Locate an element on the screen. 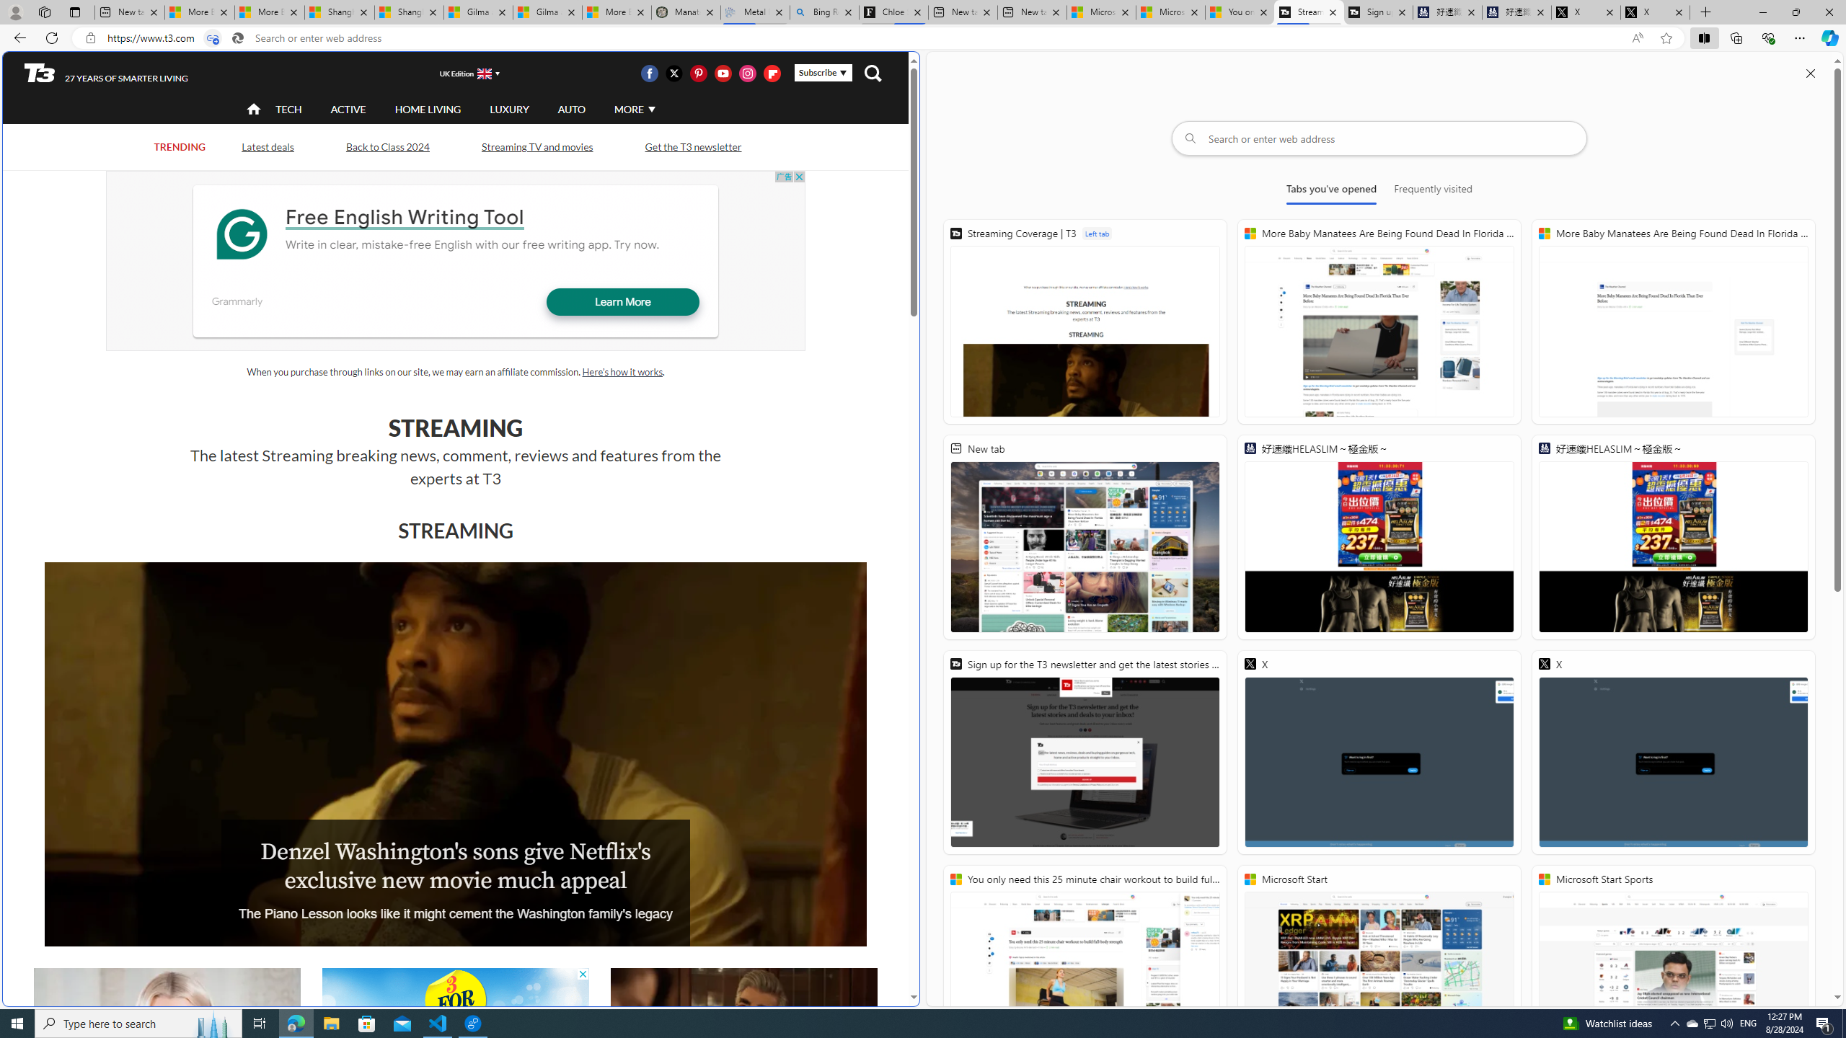  'Visit us on Flipboard' is located at coordinates (772, 72).